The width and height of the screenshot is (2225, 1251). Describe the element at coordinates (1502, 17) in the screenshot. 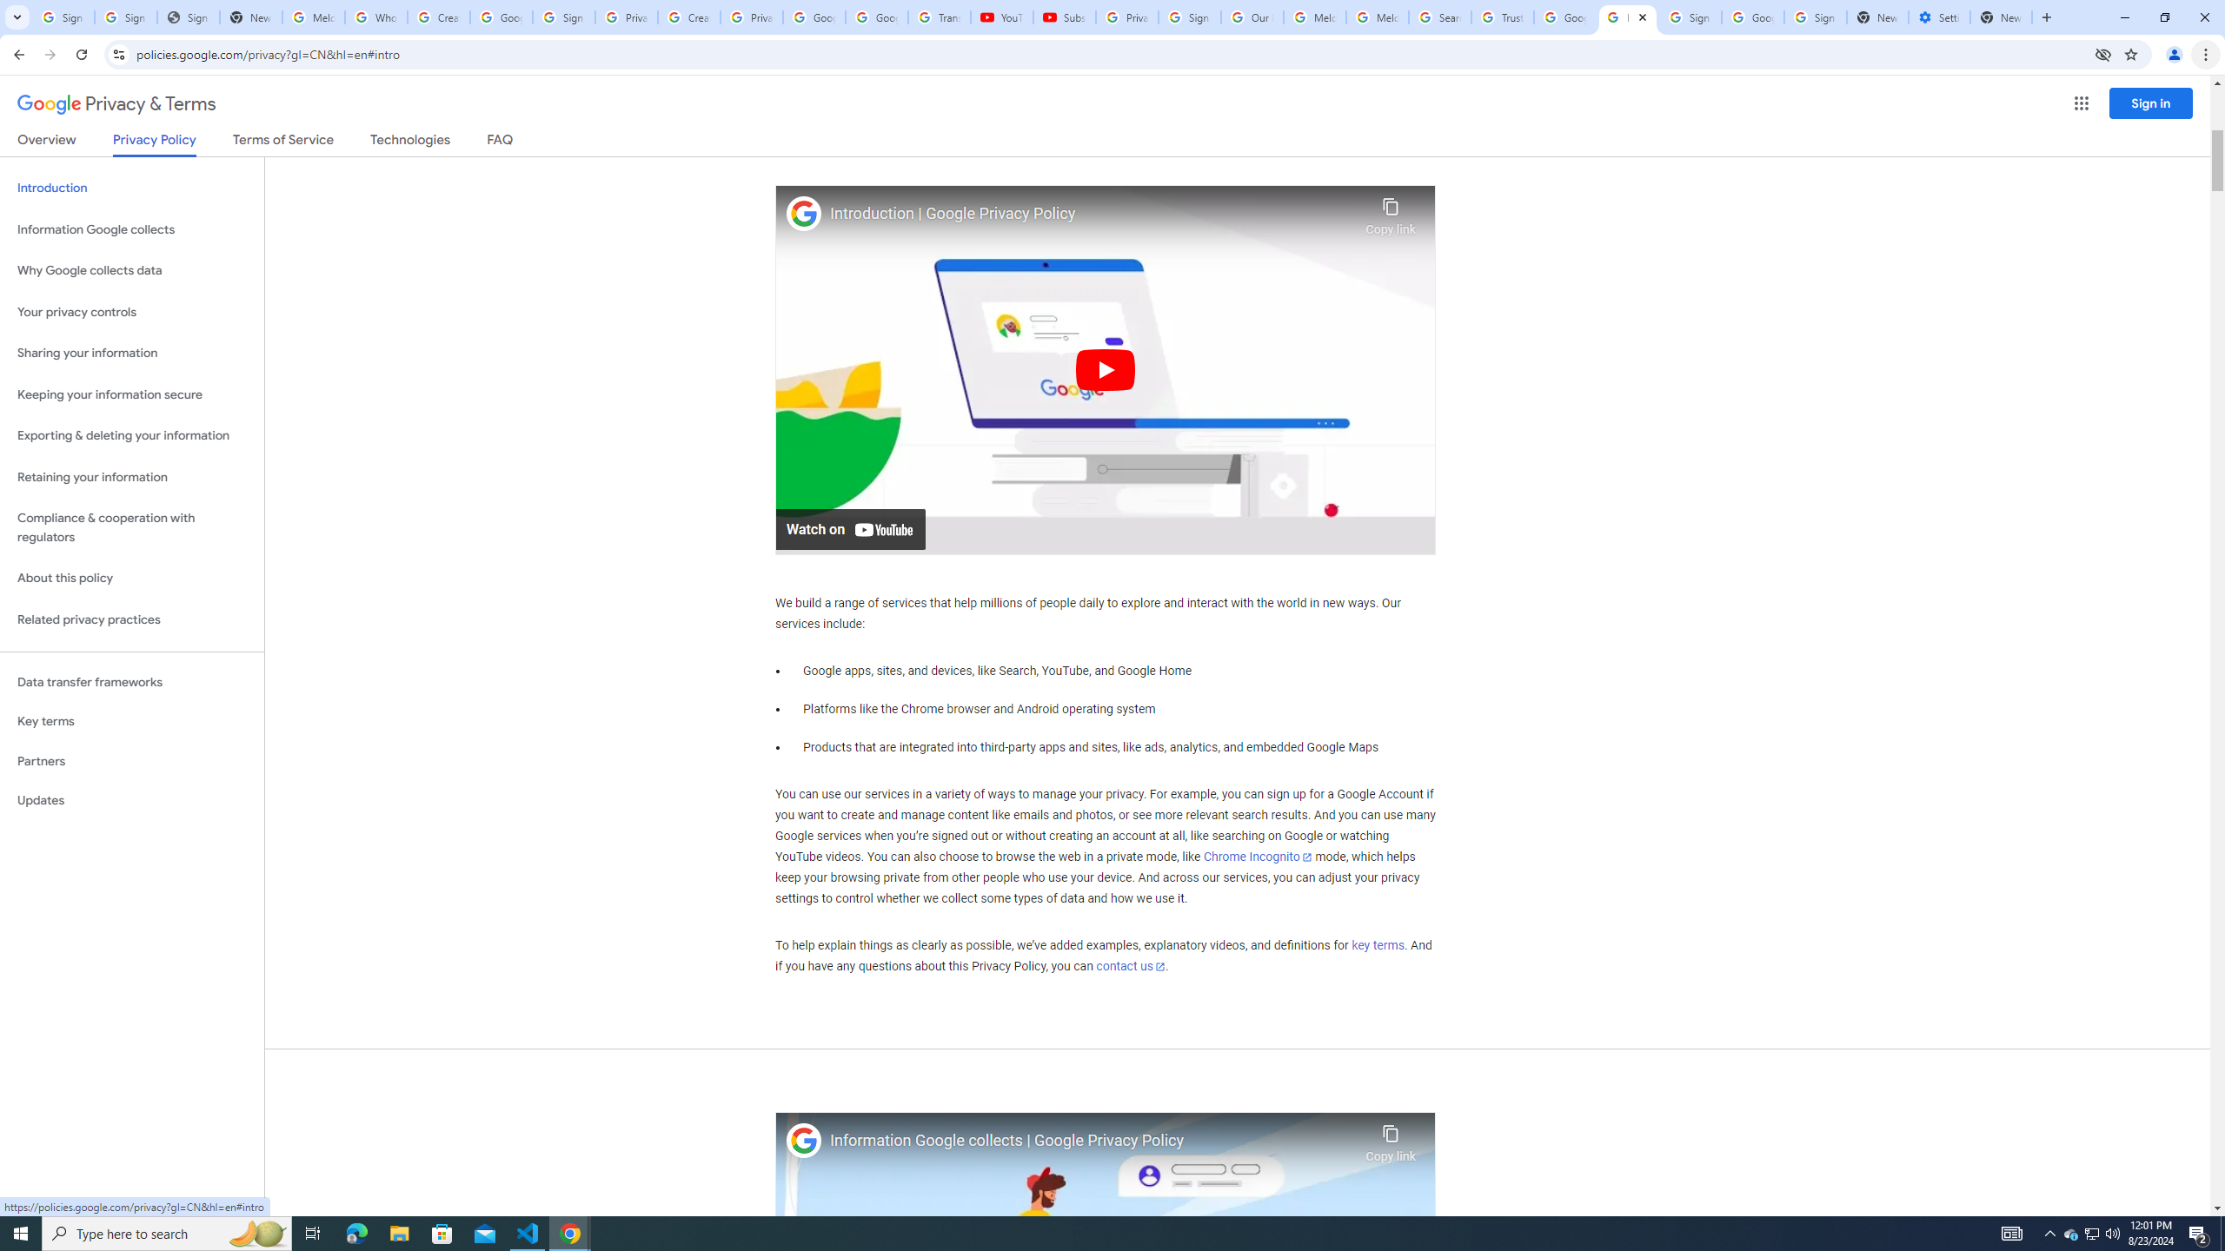

I see `'Trusted Information and Content - Google Safety Center'` at that location.